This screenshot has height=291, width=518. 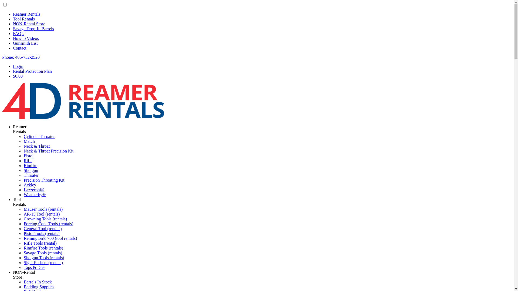 What do you see at coordinates (42, 228) in the screenshot?
I see `'General Tool (rentals)'` at bounding box center [42, 228].